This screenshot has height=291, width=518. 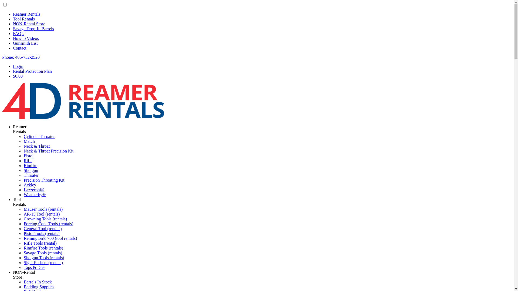 What do you see at coordinates (42, 228) in the screenshot?
I see `'General Tool (rentals)'` at bounding box center [42, 228].